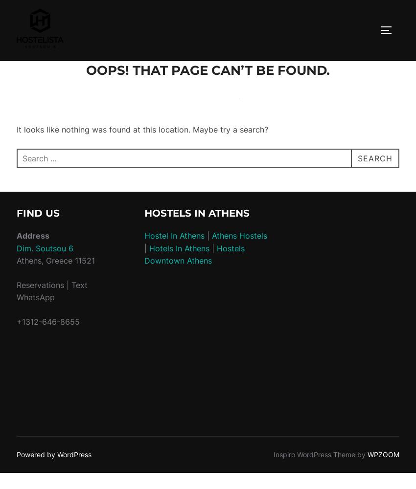  I want to click on 'Hostels In Athens', so click(196, 213).